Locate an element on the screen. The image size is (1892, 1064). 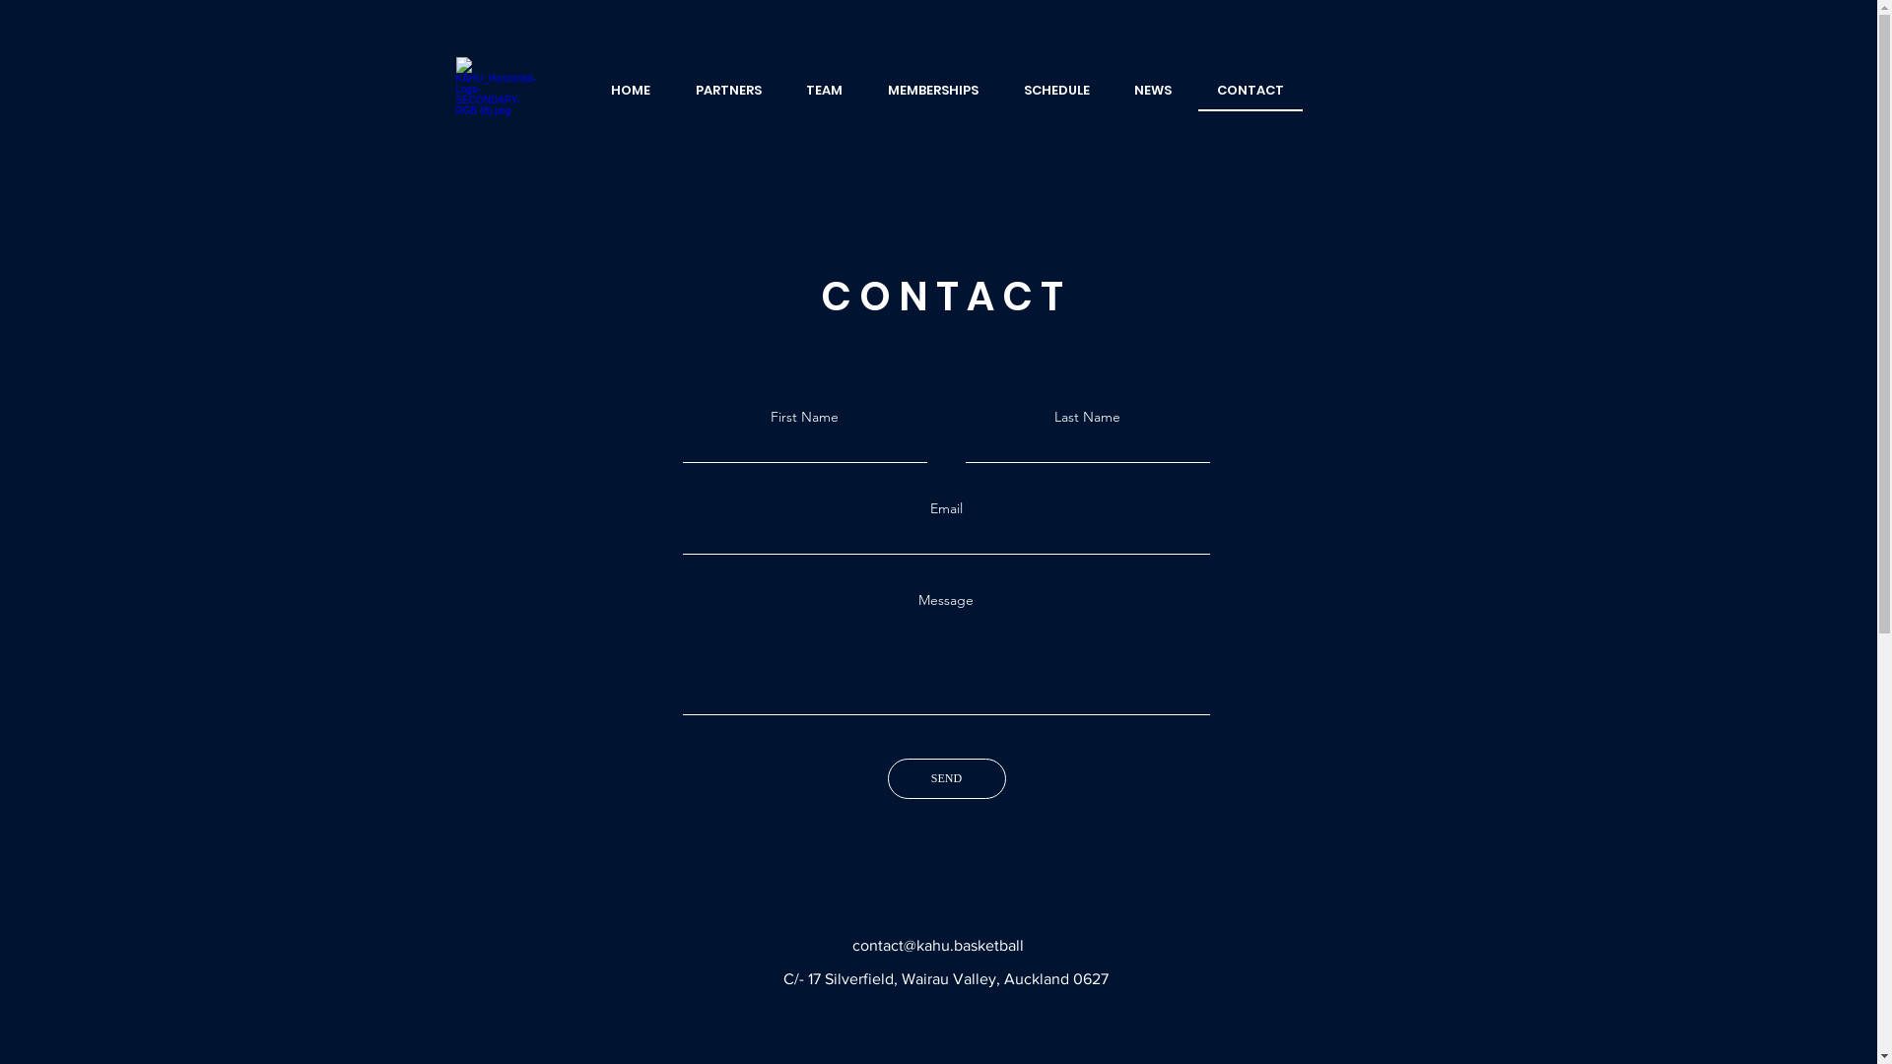
'CONTACT' is located at coordinates (1249, 91).